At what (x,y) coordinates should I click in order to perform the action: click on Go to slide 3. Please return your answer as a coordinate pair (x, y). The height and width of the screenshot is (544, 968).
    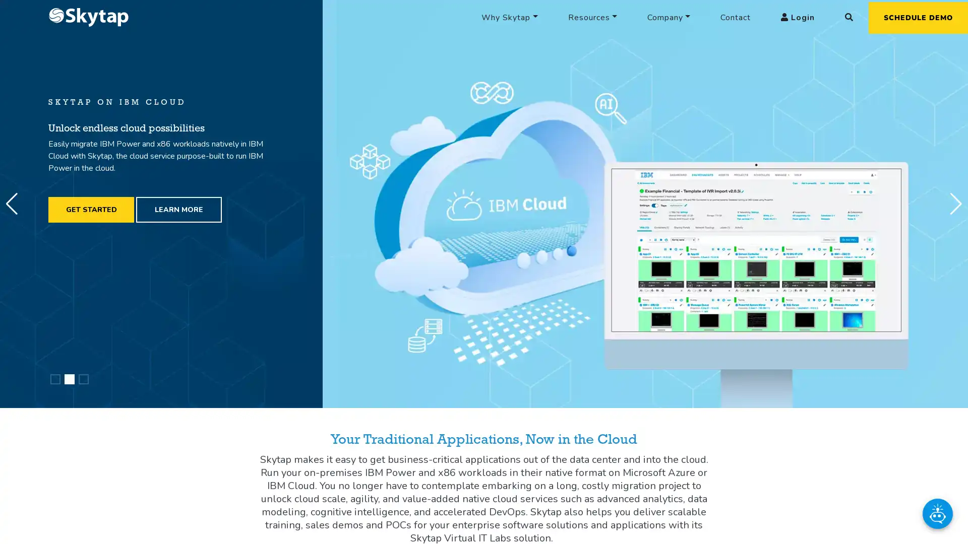
    Looking at the image, I should click on (84, 379).